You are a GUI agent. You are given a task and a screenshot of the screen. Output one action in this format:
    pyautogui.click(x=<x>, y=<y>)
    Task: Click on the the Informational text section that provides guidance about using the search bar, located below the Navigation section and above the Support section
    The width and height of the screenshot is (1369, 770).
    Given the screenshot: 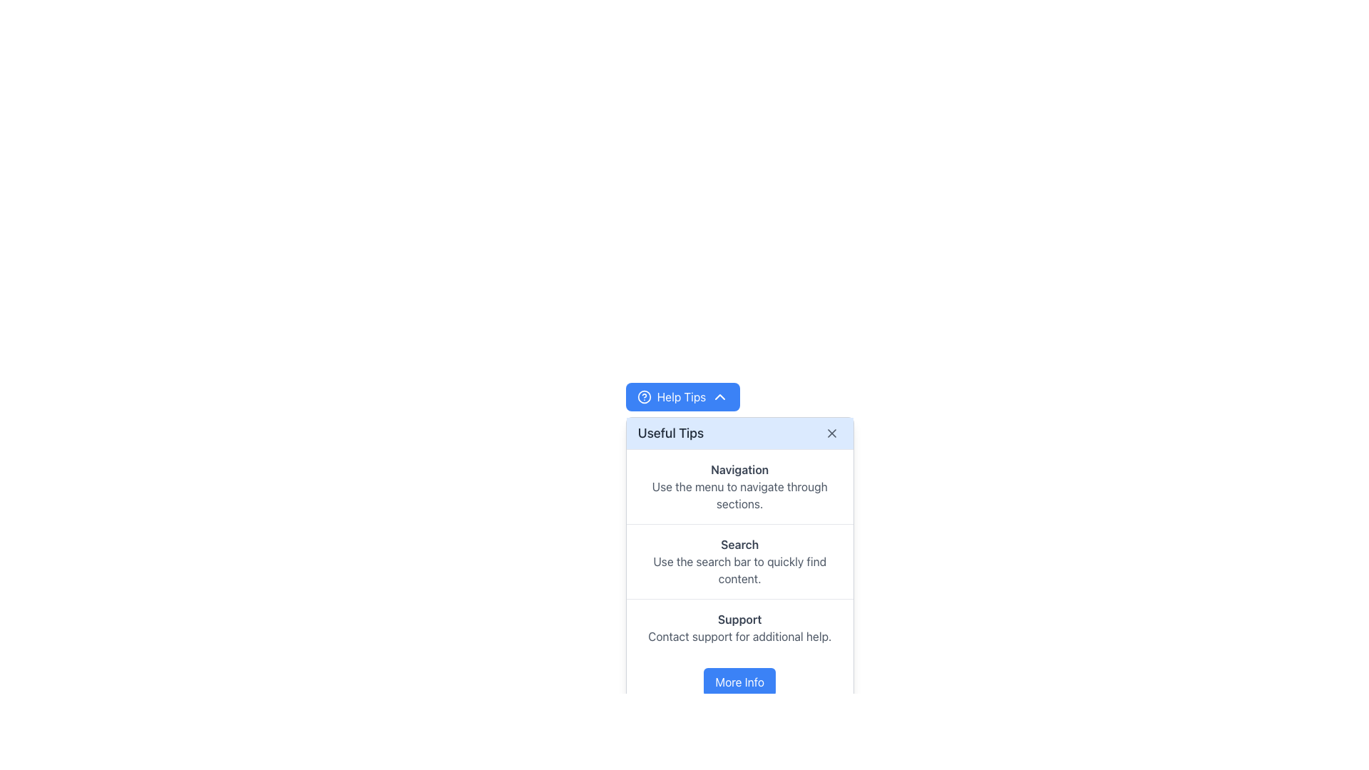 What is the action you would take?
    pyautogui.click(x=739, y=560)
    